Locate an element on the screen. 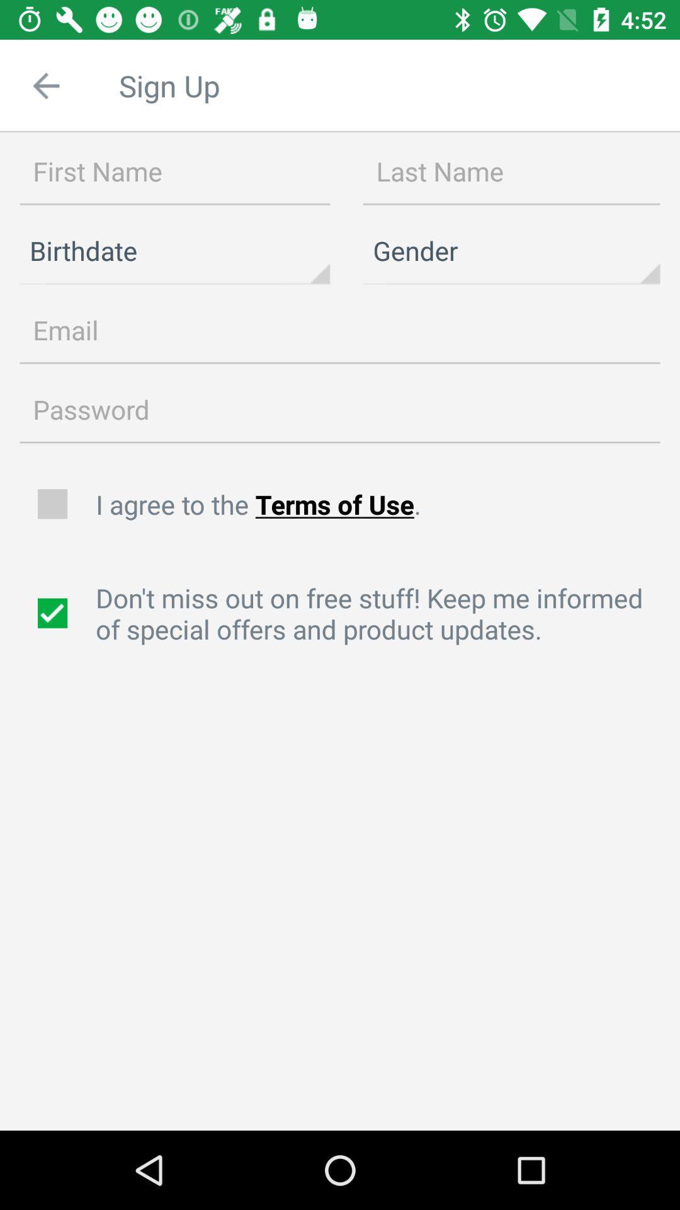  i agree to is located at coordinates (380, 504).